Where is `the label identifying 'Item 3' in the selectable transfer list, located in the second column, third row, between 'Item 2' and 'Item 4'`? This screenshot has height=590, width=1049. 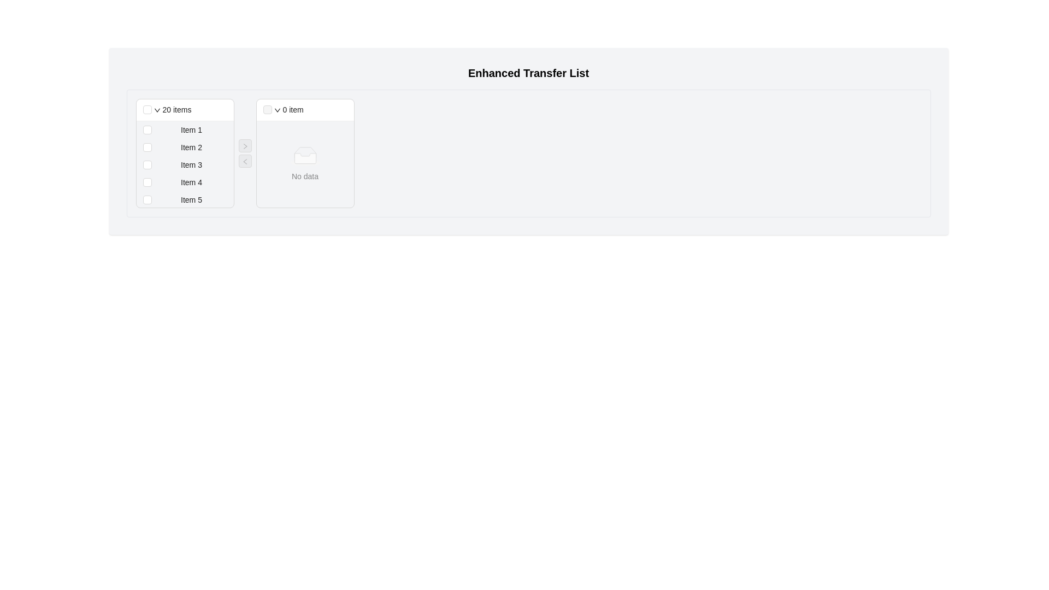 the label identifying 'Item 3' in the selectable transfer list, located in the second column, third row, between 'Item 2' and 'Item 4' is located at coordinates (191, 164).